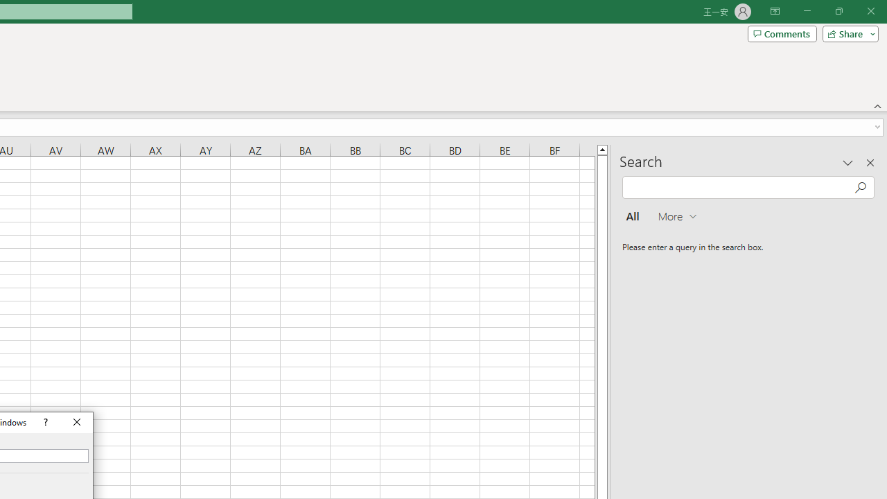 The width and height of the screenshot is (887, 499). Describe the element at coordinates (838, 11) in the screenshot. I see `'Restore Down'` at that location.